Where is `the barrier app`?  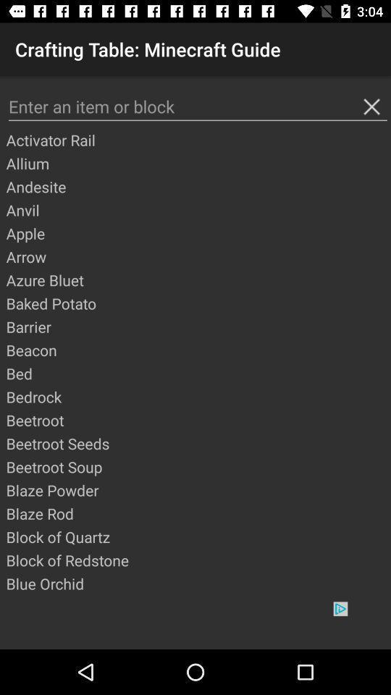
the barrier app is located at coordinates (197, 327).